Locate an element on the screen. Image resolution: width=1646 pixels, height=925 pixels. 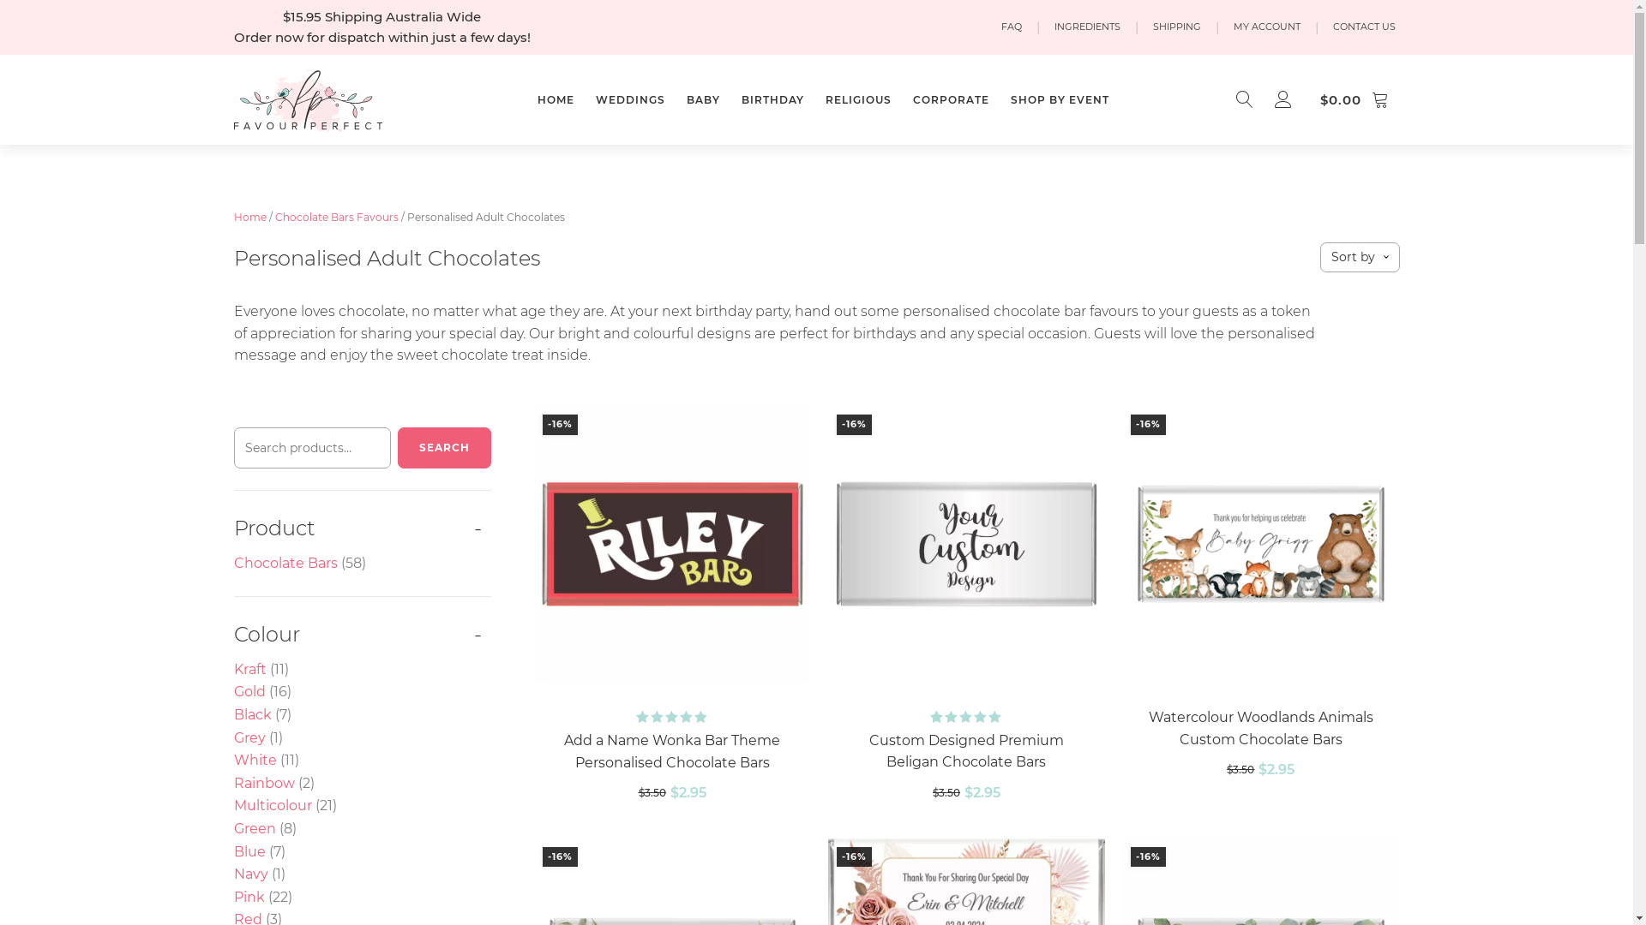
'Add a Name Wonka Bar Theme Personalised Chocolate Bars' is located at coordinates (550, 750).